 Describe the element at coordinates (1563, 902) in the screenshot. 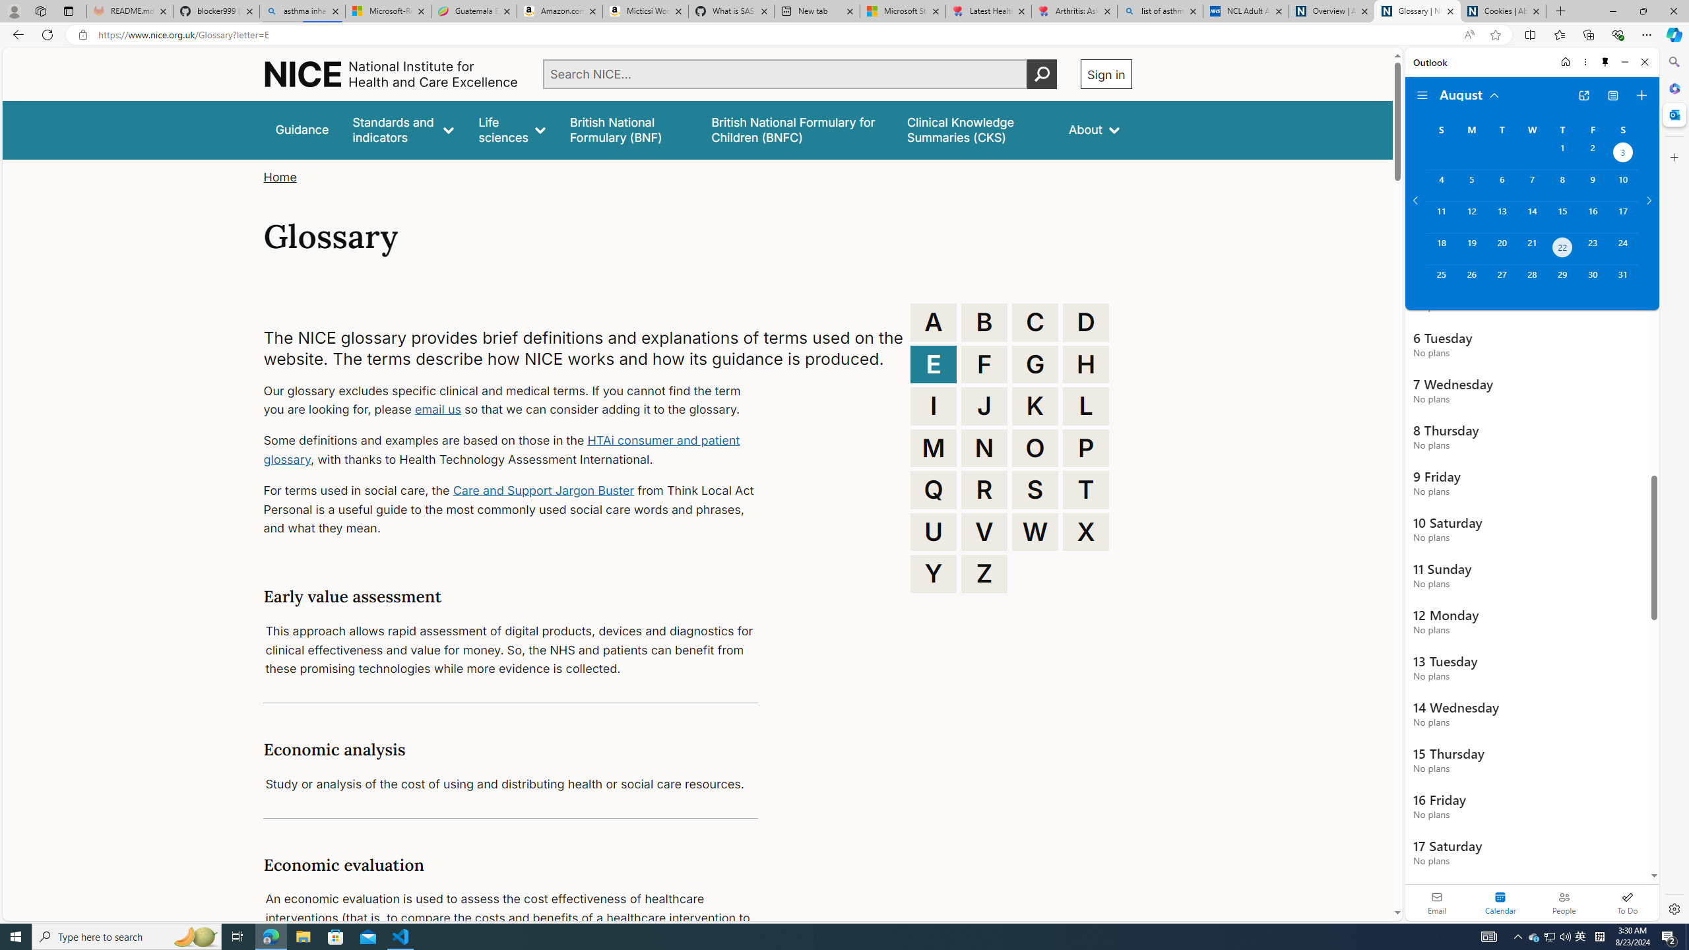

I see `'People'` at that location.